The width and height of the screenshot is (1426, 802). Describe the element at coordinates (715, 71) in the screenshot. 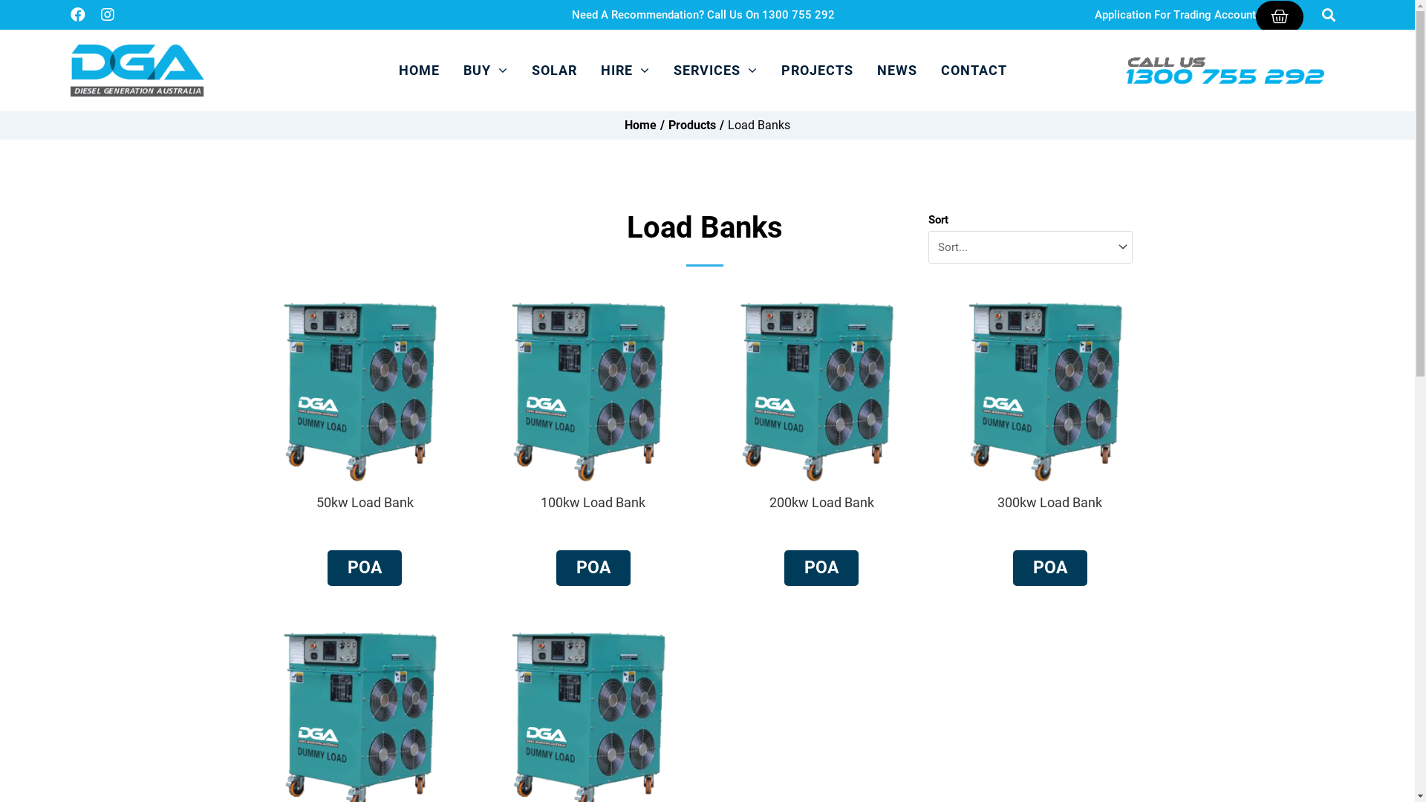

I see `'SERVICES'` at that location.